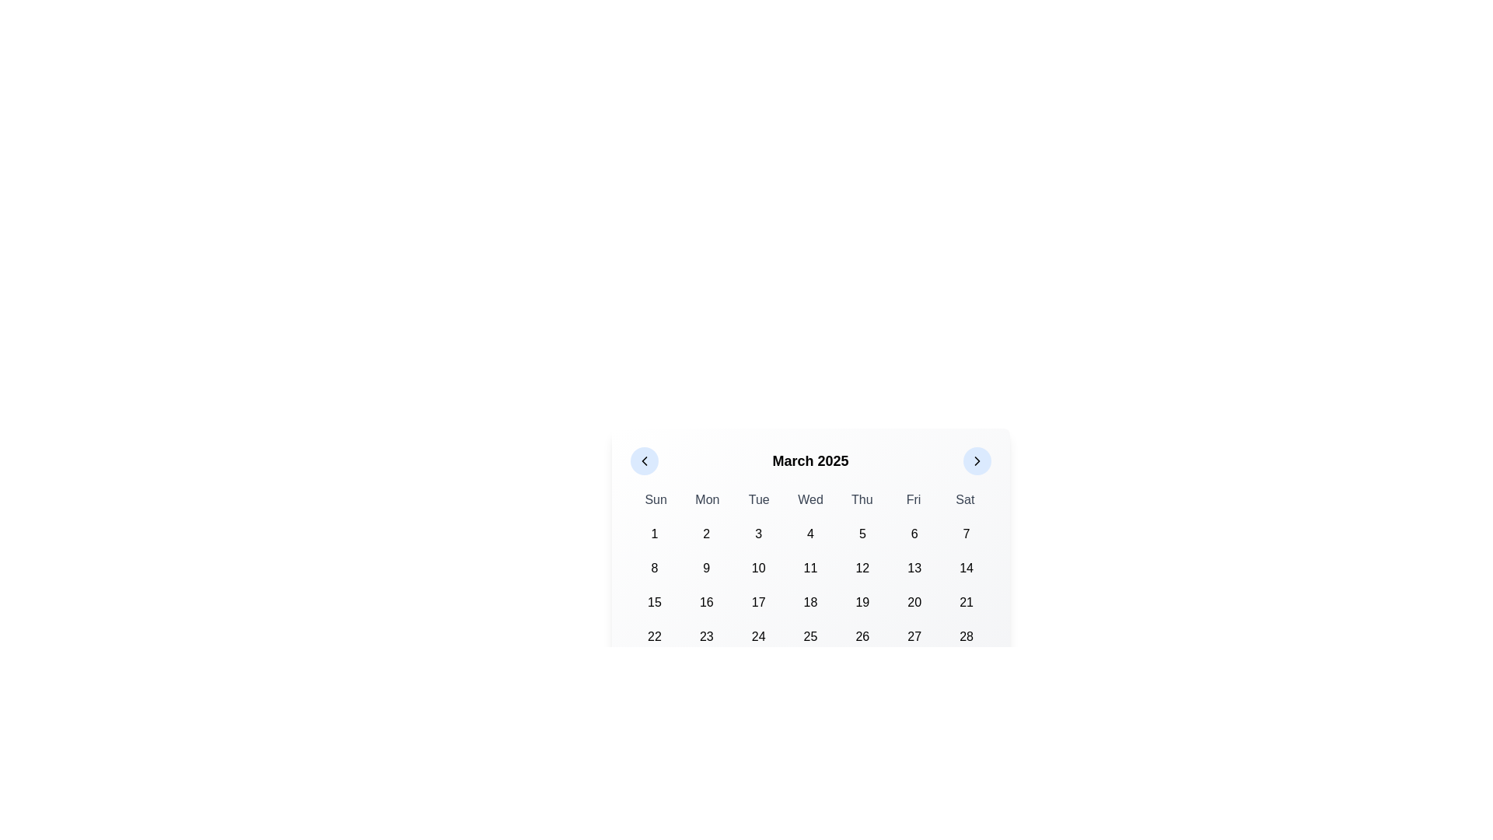 The width and height of the screenshot is (1493, 840). What do you see at coordinates (862, 602) in the screenshot?
I see `the button representing the 19th day in the calendar` at bounding box center [862, 602].